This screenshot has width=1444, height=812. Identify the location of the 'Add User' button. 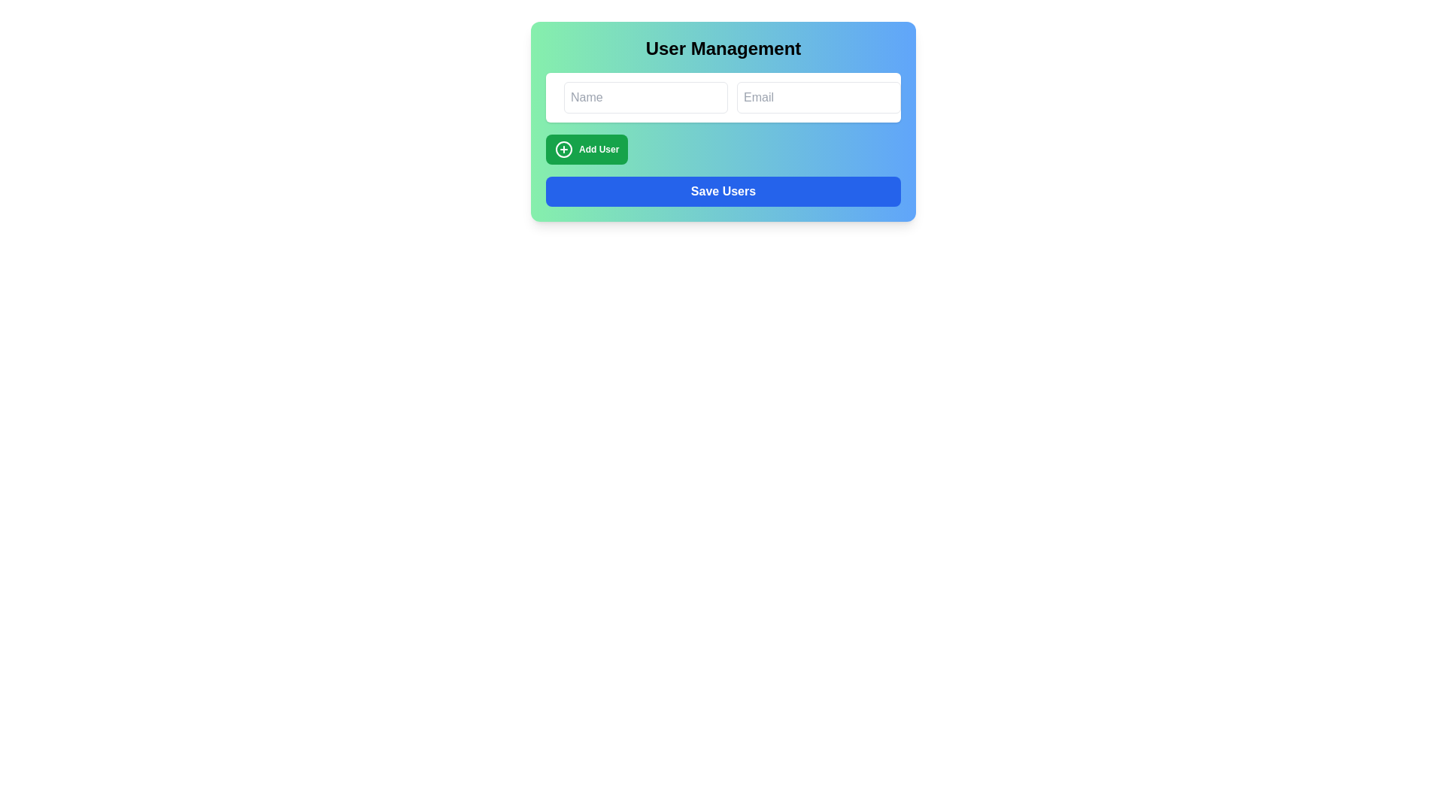
(586, 150).